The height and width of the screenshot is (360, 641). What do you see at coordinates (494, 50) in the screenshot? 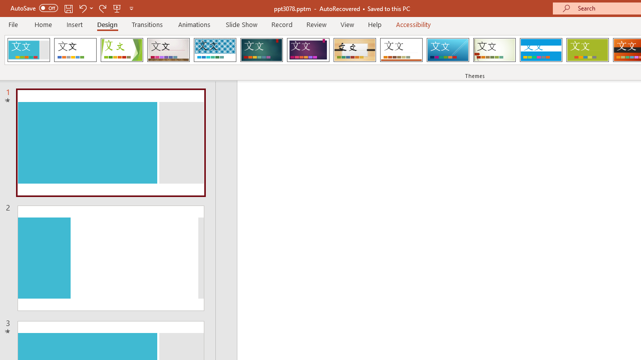
I see `'Wisp'` at bounding box center [494, 50].